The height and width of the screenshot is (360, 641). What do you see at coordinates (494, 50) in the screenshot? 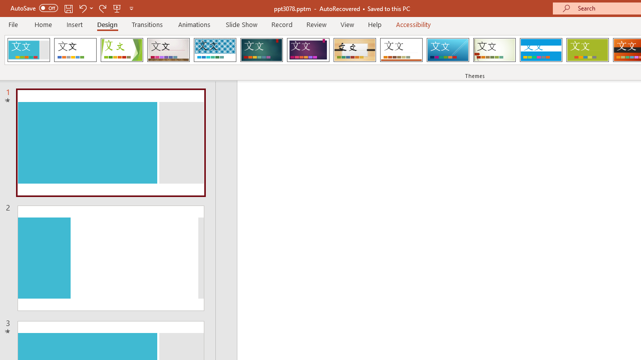
I see `'Wisp'` at bounding box center [494, 50].